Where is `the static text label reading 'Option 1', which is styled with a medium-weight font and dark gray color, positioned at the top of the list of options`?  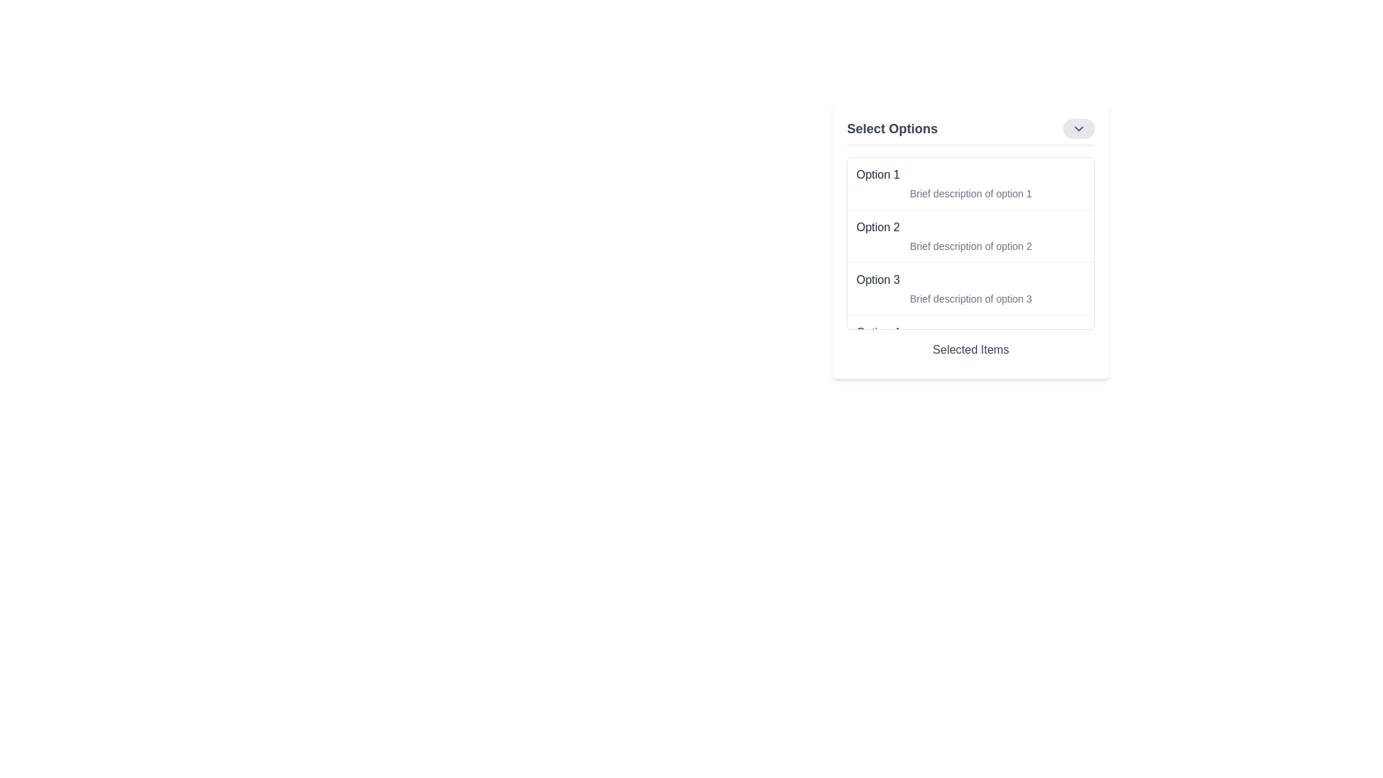
the static text label reading 'Option 1', which is styled with a medium-weight font and dark gray color, positioned at the top of the list of options is located at coordinates (877, 174).